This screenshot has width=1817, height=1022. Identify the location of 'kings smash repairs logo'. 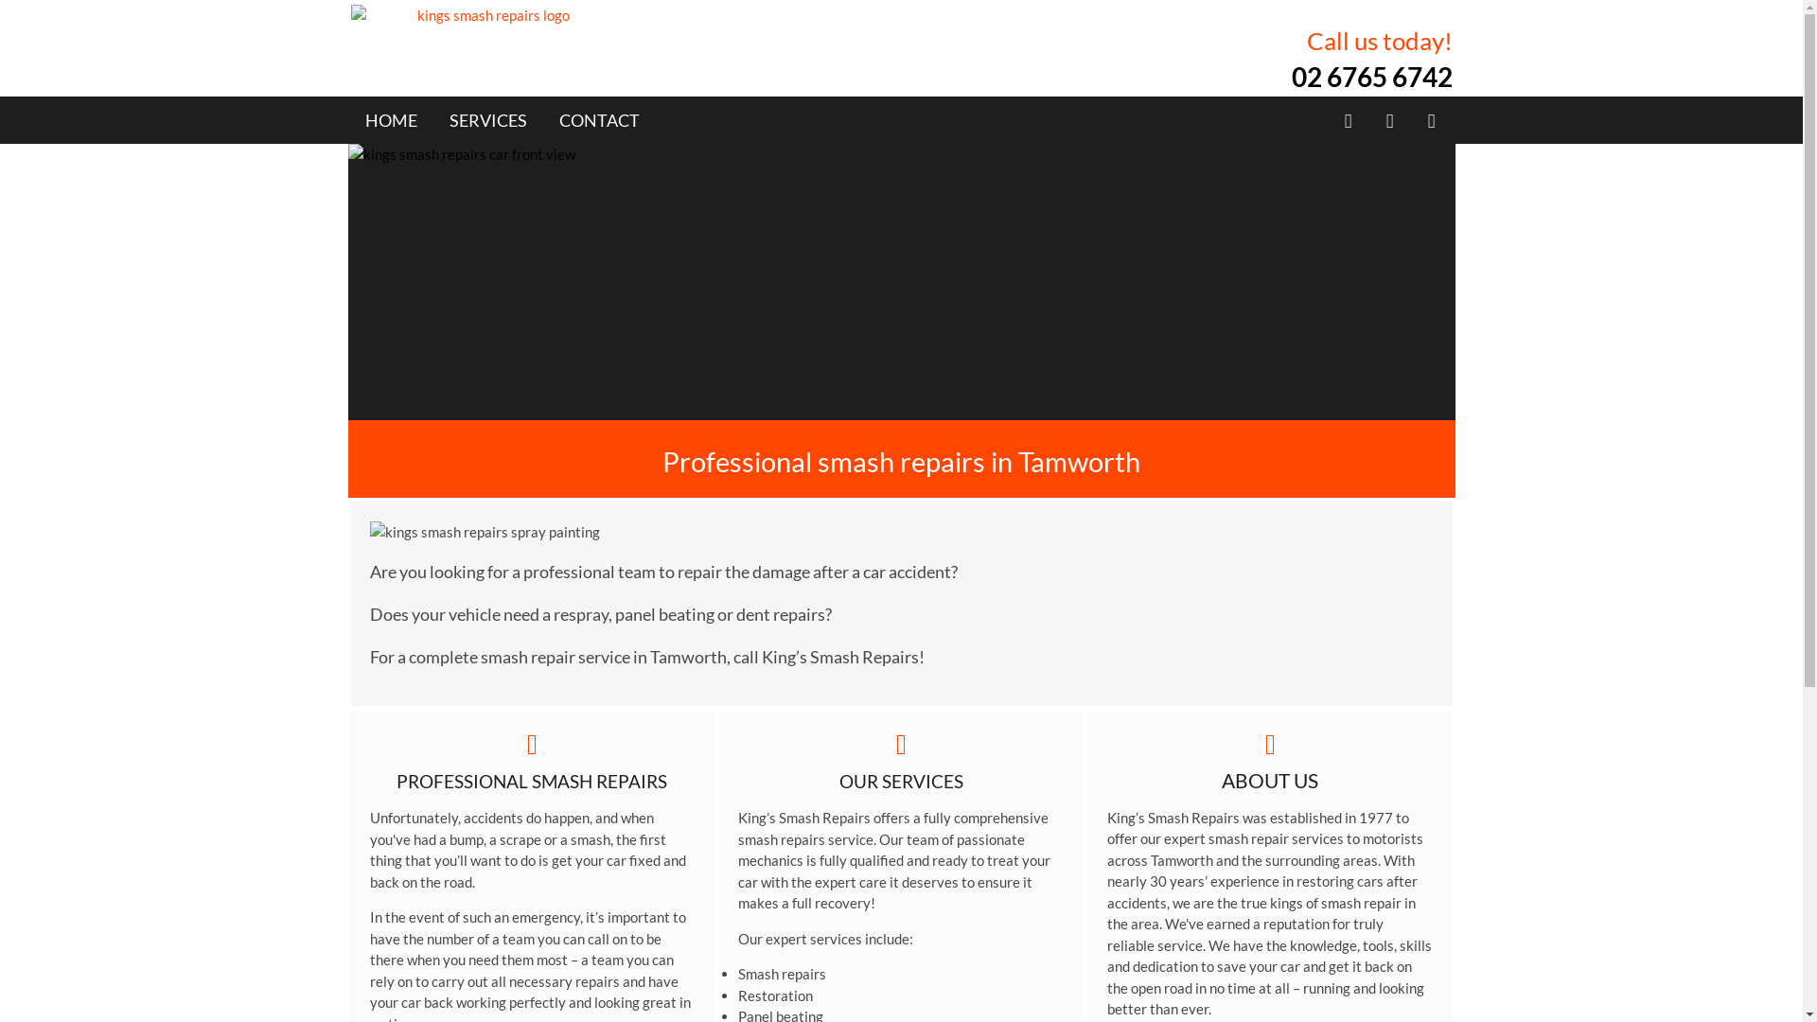
(485, 15).